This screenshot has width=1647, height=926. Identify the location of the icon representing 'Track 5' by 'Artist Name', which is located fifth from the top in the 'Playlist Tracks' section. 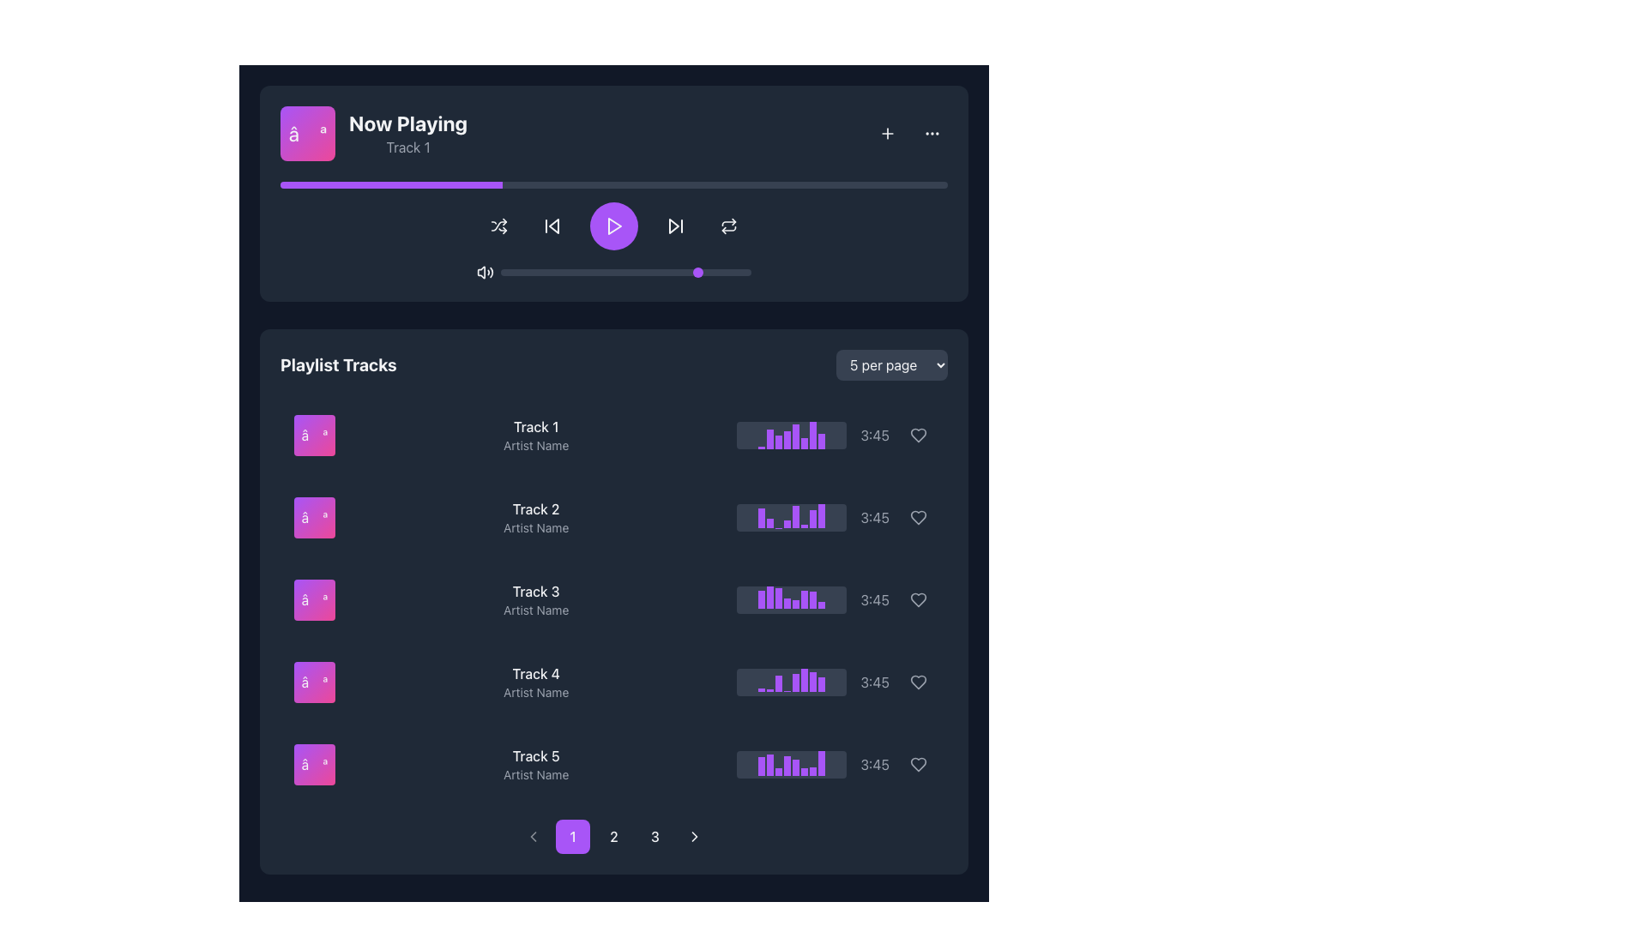
(314, 763).